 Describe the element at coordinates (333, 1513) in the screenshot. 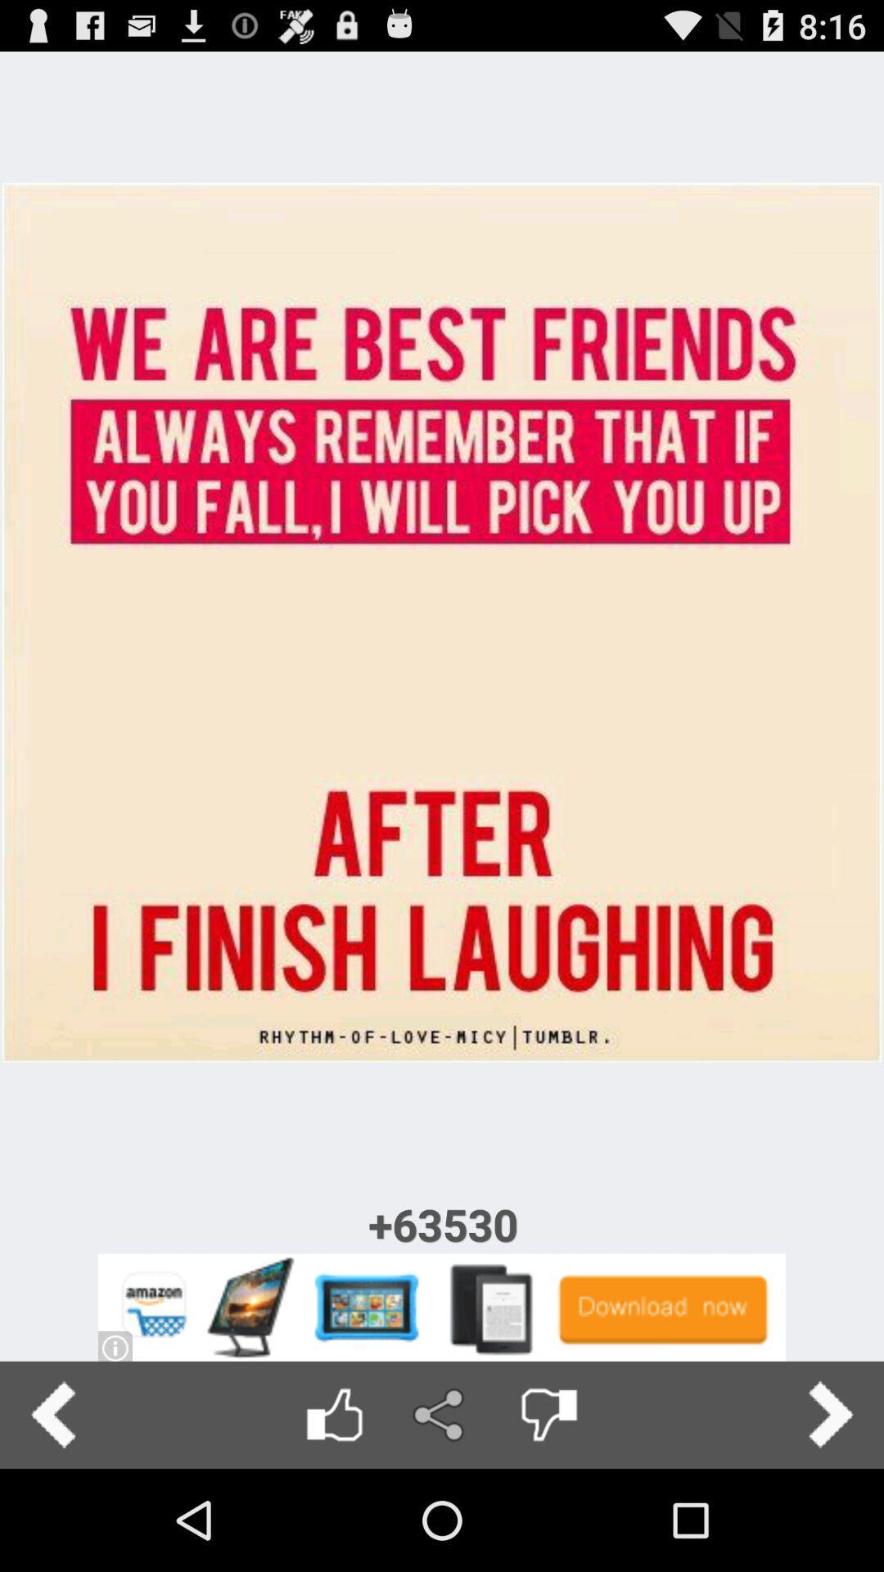

I see `the thumbs_up icon` at that location.